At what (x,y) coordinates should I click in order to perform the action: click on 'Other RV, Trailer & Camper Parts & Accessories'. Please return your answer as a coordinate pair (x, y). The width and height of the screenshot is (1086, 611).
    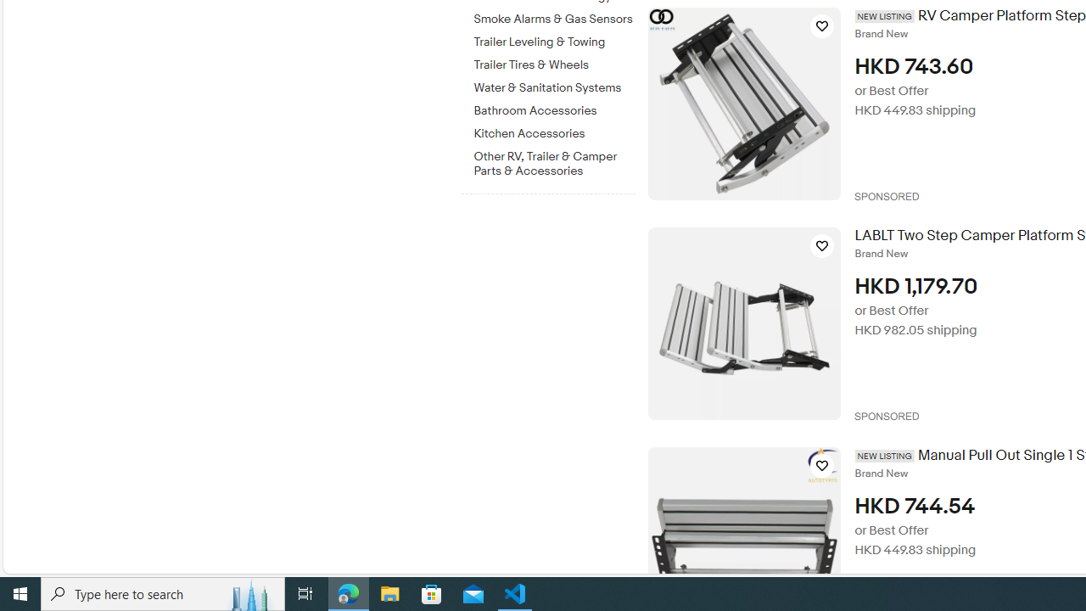
    Looking at the image, I should click on (554, 160).